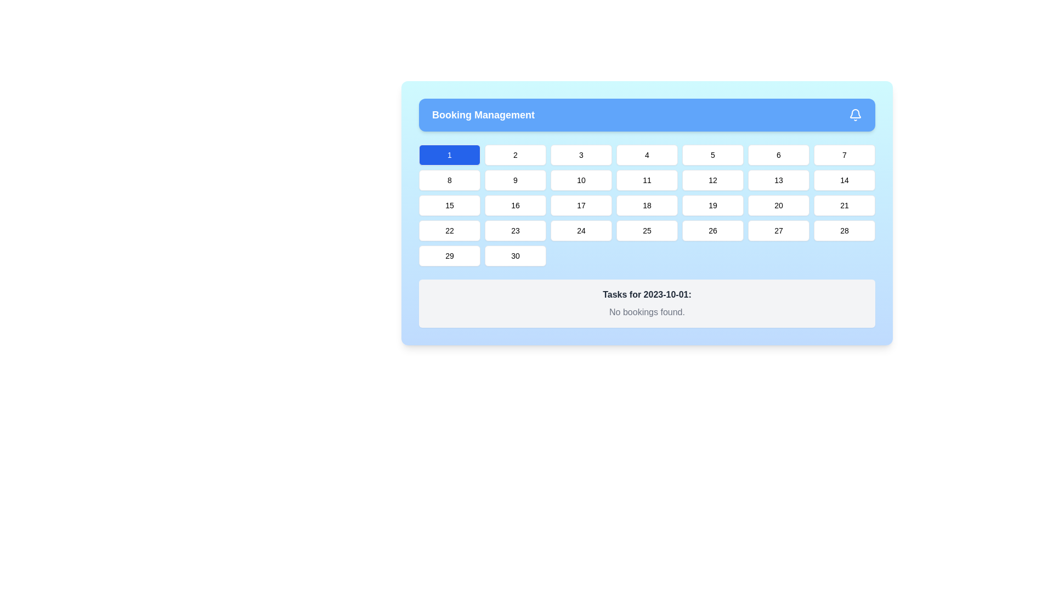 The width and height of the screenshot is (1053, 592). Describe the element at coordinates (515, 179) in the screenshot. I see `the button with the number '9' centered in a sans-serif font, located in the second row and second column under 'Booking Management'` at that location.